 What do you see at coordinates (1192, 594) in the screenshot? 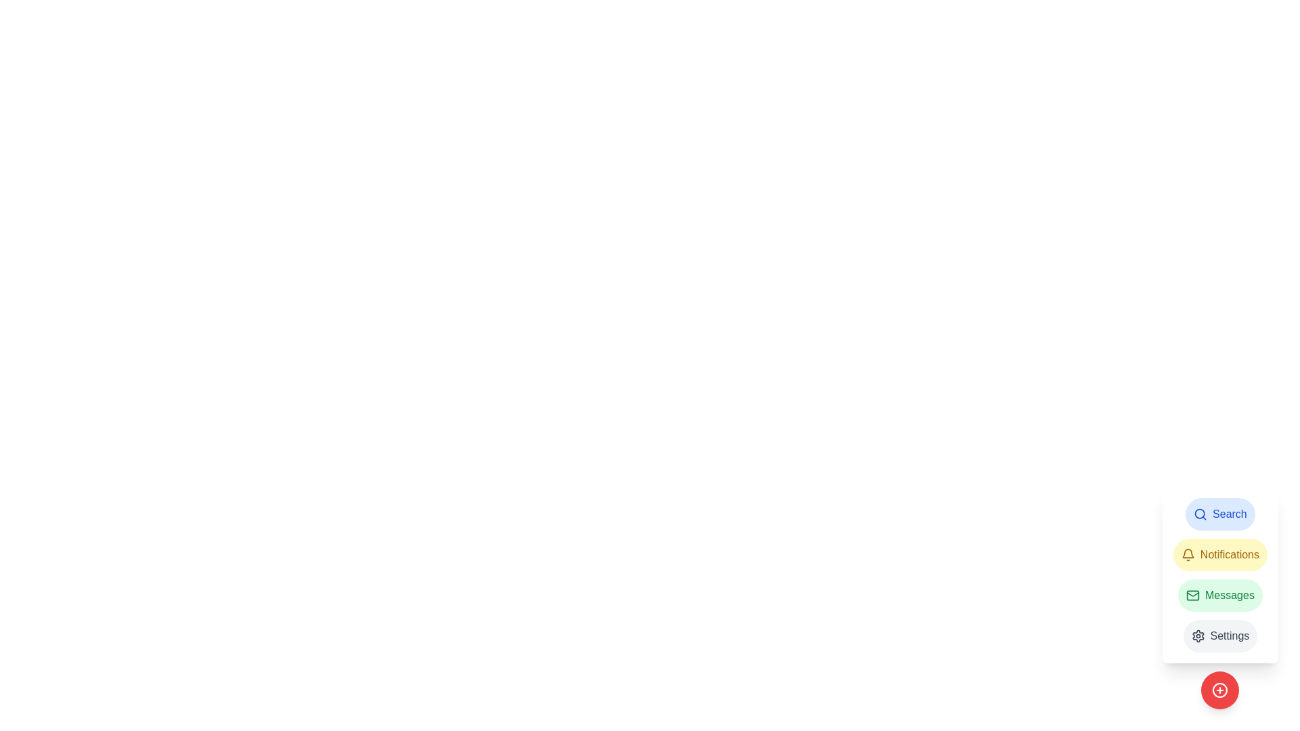
I see `the 'Messages' icon, which is the first icon from the left in the vertical navigation menu on the right side of the interface` at bounding box center [1192, 594].